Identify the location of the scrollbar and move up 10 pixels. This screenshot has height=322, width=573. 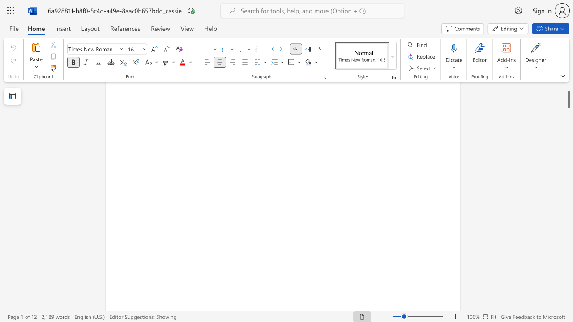
(568, 93).